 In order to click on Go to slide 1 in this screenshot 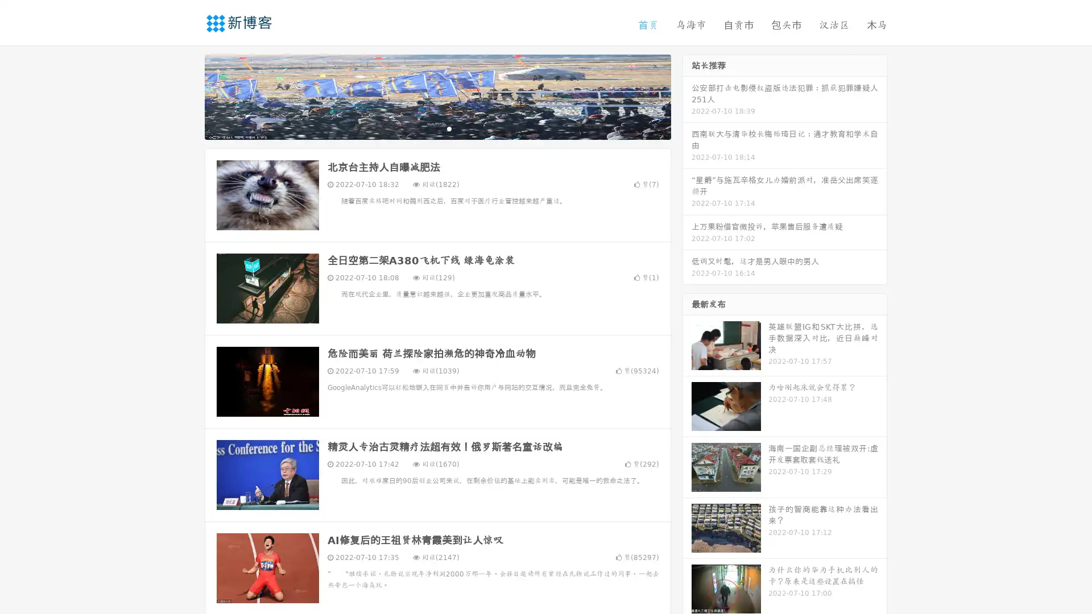, I will do `click(425, 128)`.